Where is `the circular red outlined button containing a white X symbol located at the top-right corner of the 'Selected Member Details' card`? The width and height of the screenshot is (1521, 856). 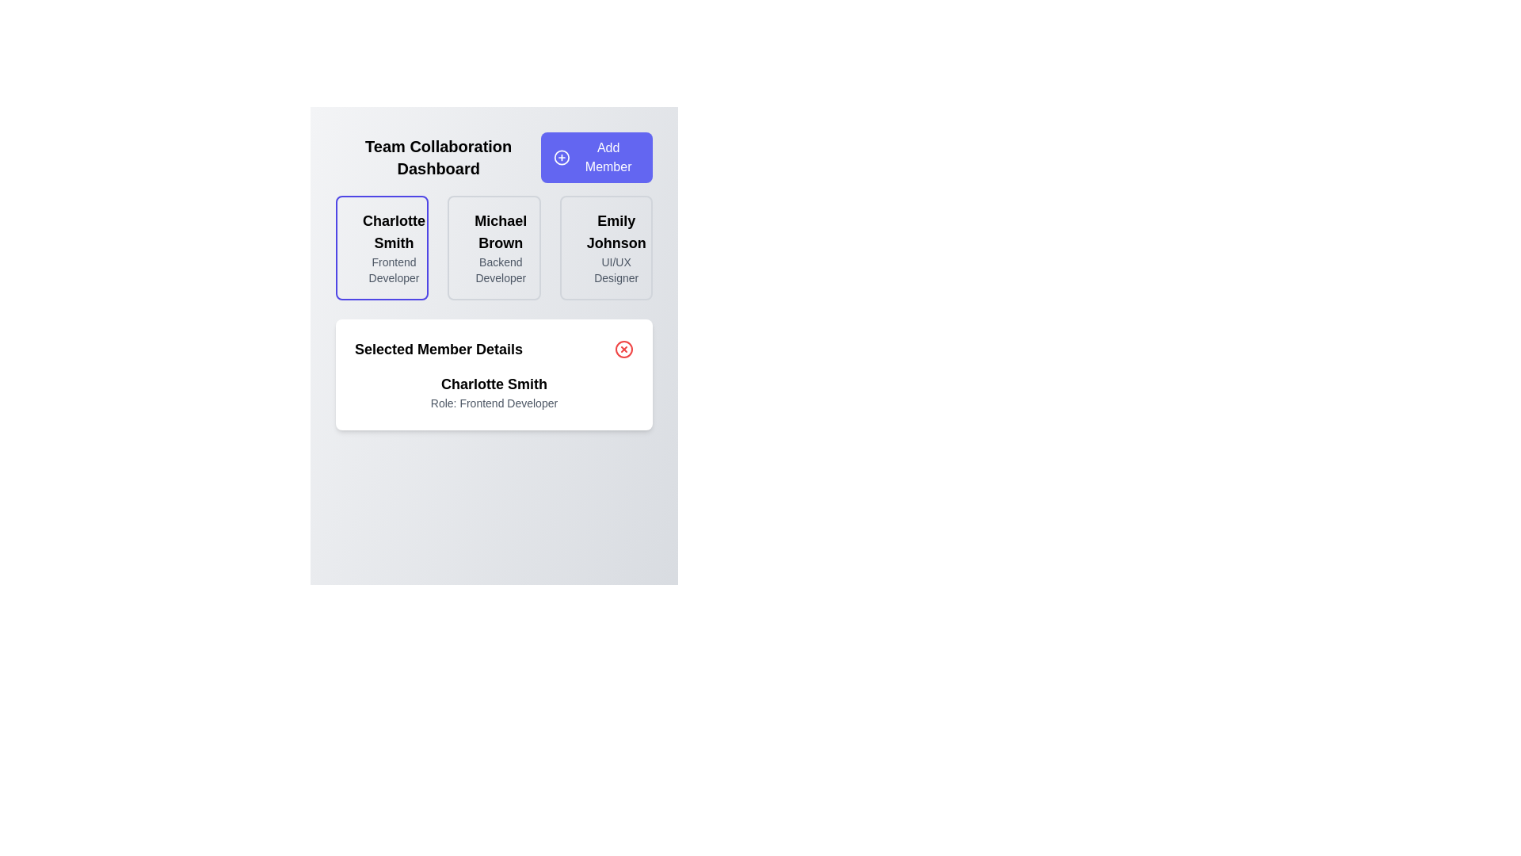 the circular red outlined button containing a white X symbol located at the top-right corner of the 'Selected Member Details' card is located at coordinates (623, 348).